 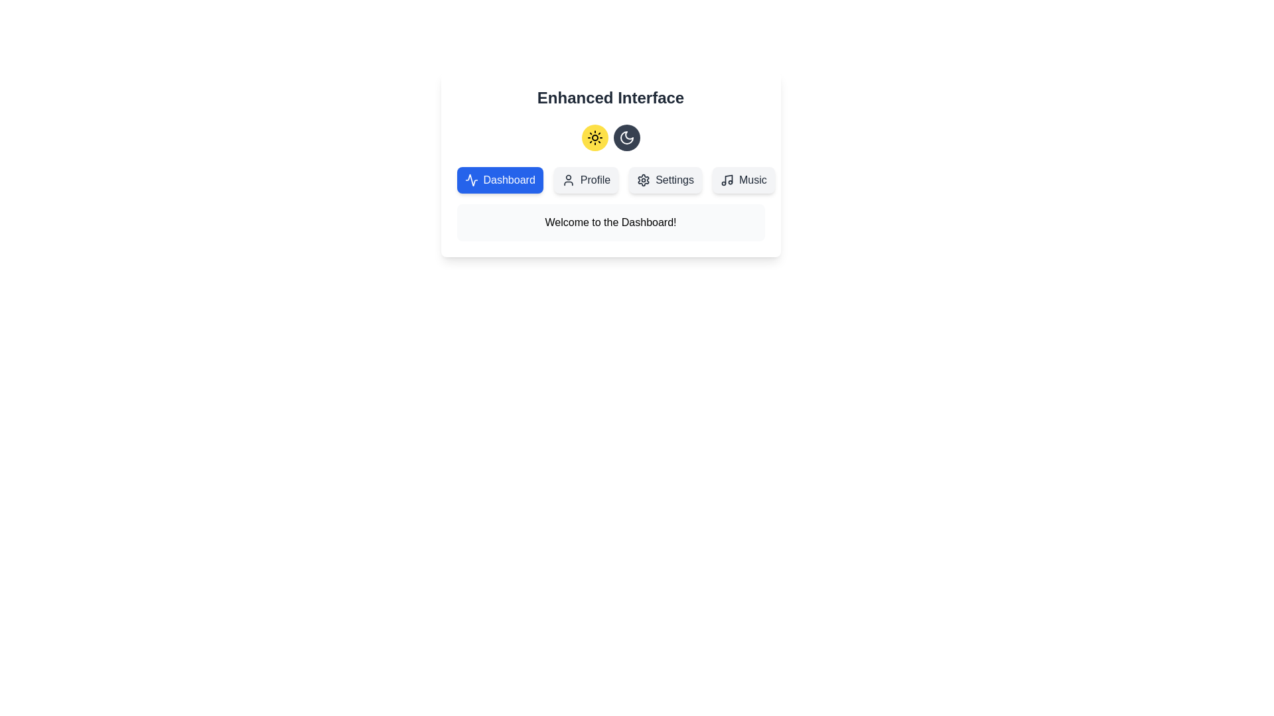 I want to click on the 'Profile' button, which is a rectangular button with rounded borders, light gray background, and dark gray text, positioned between the 'Dashboard' and 'Settings' buttons, so click(x=585, y=180).